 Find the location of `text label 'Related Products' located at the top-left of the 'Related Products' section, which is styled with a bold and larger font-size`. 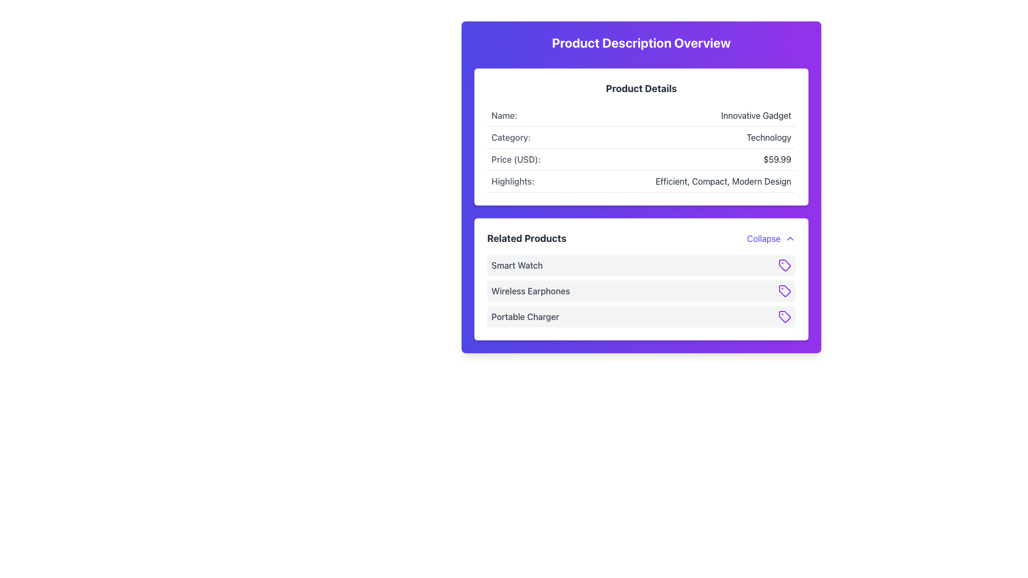

text label 'Related Products' located at the top-left of the 'Related Products' section, which is styled with a bold and larger font-size is located at coordinates (526, 238).